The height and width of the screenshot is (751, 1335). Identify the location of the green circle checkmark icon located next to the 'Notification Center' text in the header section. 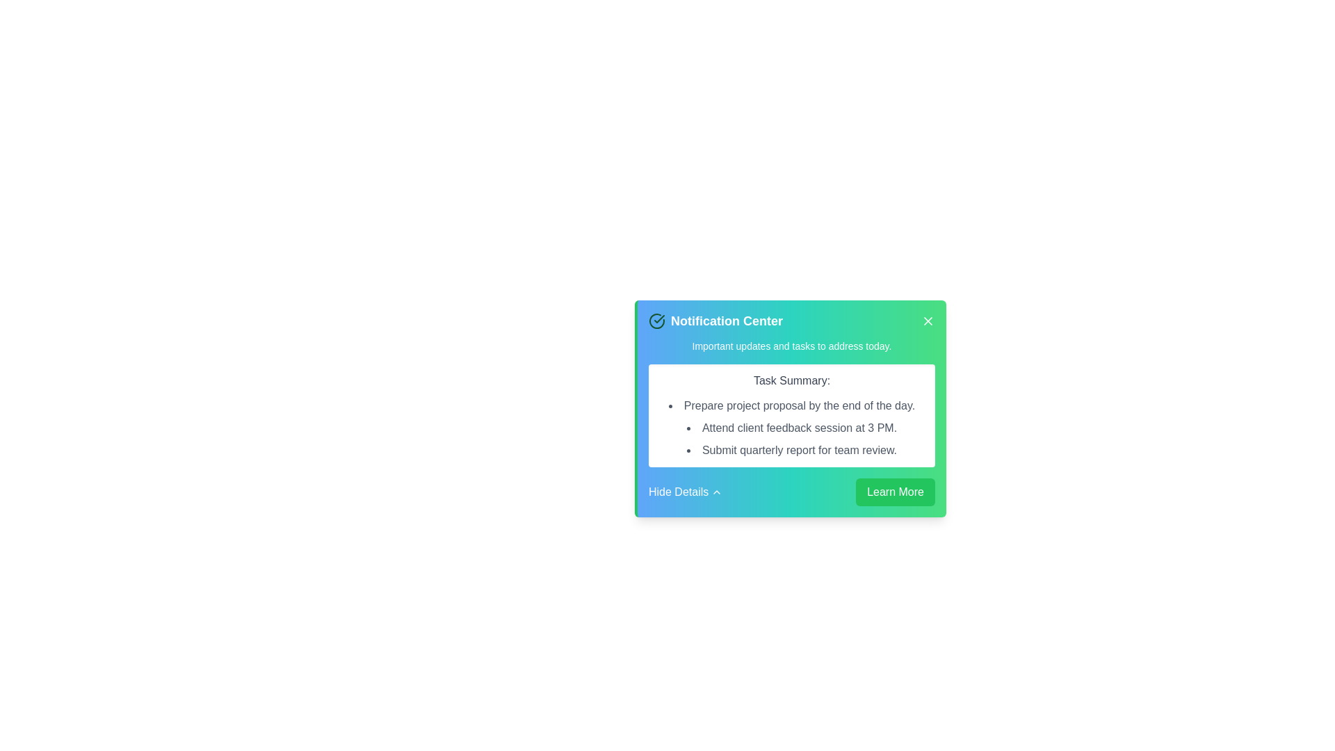
(656, 321).